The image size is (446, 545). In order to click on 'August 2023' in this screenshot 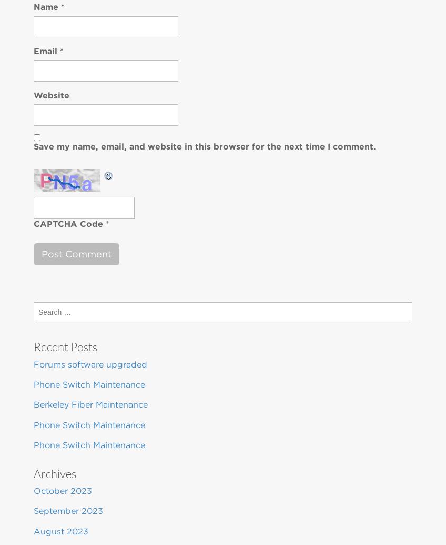, I will do `click(60, 530)`.